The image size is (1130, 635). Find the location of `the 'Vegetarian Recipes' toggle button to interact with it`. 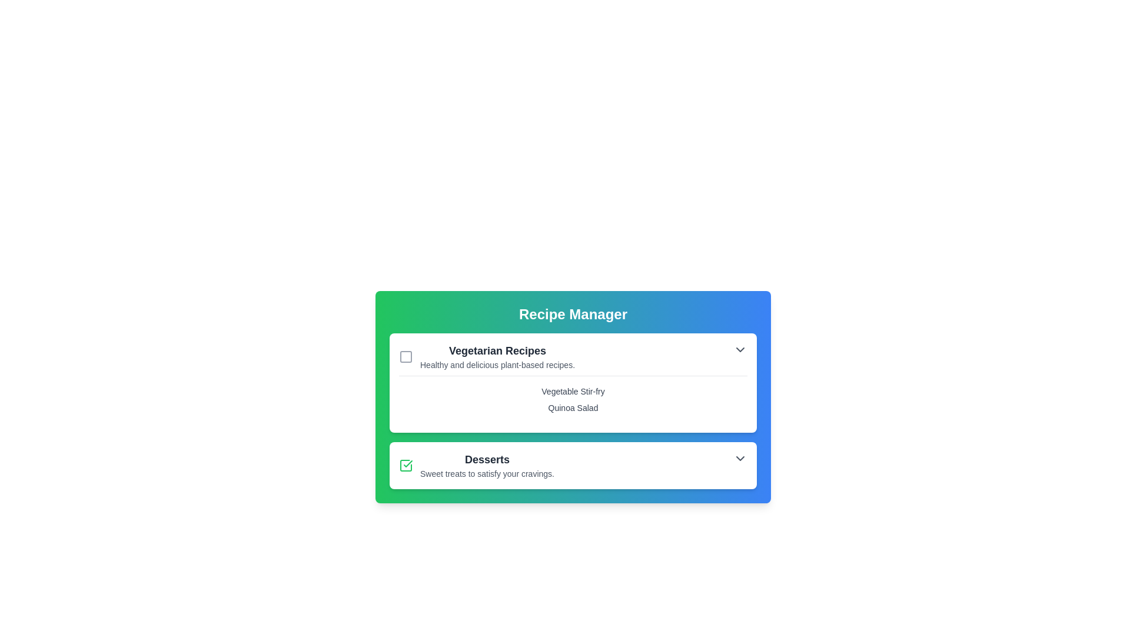

the 'Vegetarian Recipes' toggle button to interact with it is located at coordinates (739, 349).